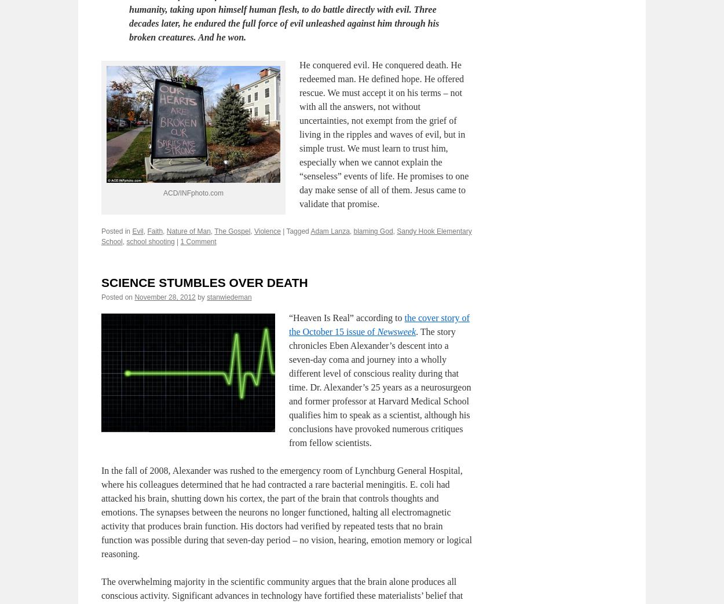 This screenshot has width=724, height=604. What do you see at coordinates (278, 16) in the screenshot?
I see `'The Christmas season reminds us again that such a God does exist and he has put such a plan of redemption into motion. For thousands of years his mercy covered man’s evil acts.'` at bounding box center [278, 16].